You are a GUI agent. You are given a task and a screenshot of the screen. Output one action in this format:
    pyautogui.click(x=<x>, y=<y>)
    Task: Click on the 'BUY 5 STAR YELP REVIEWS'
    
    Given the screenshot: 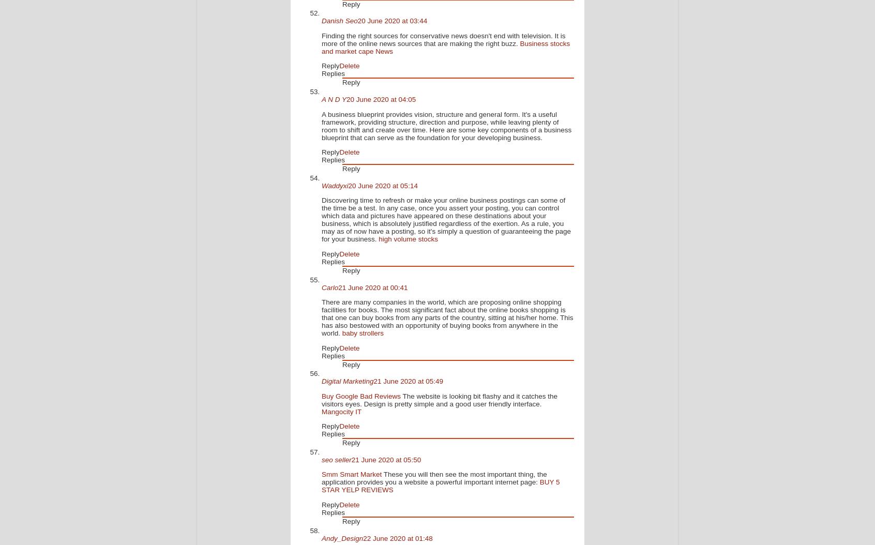 What is the action you would take?
    pyautogui.click(x=440, y=485)
    